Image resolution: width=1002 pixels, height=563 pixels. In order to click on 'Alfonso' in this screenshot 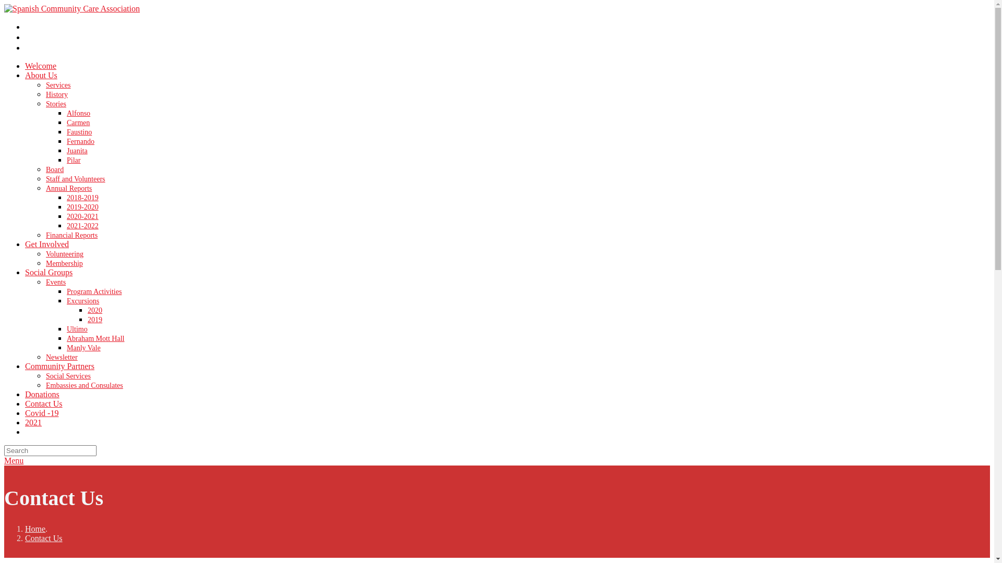, I will do `click(66, 113)`.